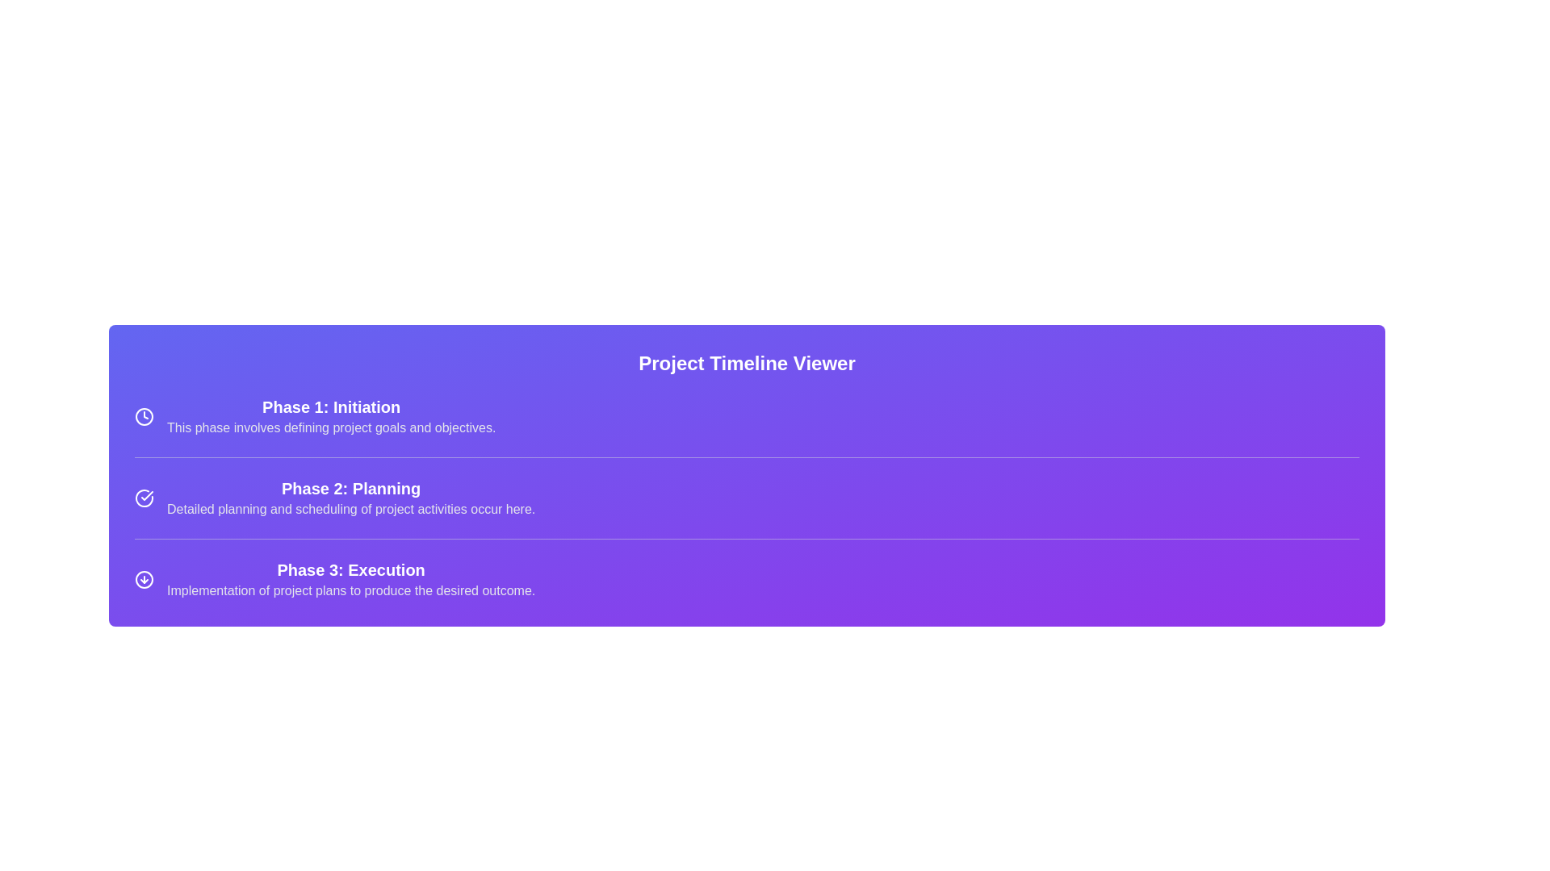 This screenshot has height=871, width=1550. I want to click on the horizontal divider line that separates 'Phase 1' and 'Phase 2', which is styled with a gray color and low opacity, so click(746, 457).